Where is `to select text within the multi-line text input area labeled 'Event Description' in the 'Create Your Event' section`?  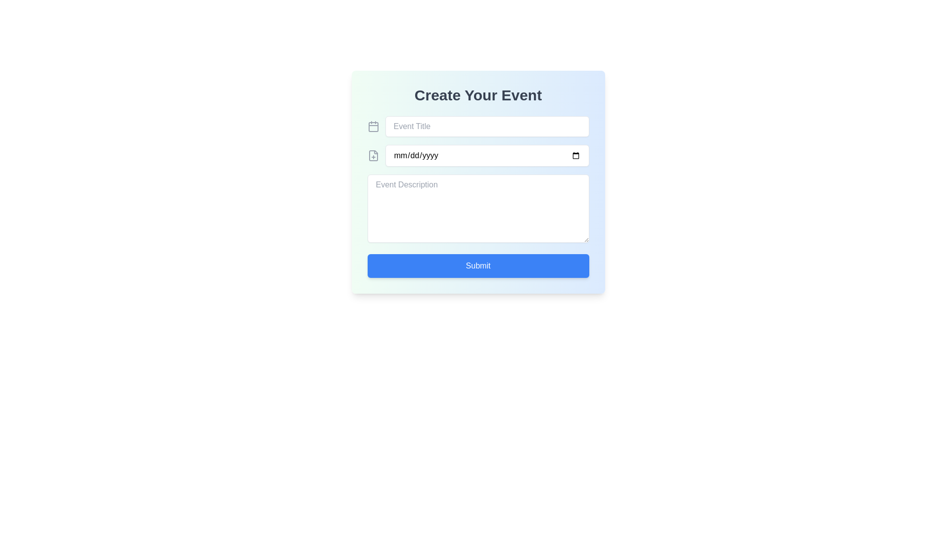 to select text within the multi-line text input area labeled 'Event Description' in the 'Create Your Event' section is located at coordinates (478, 197).